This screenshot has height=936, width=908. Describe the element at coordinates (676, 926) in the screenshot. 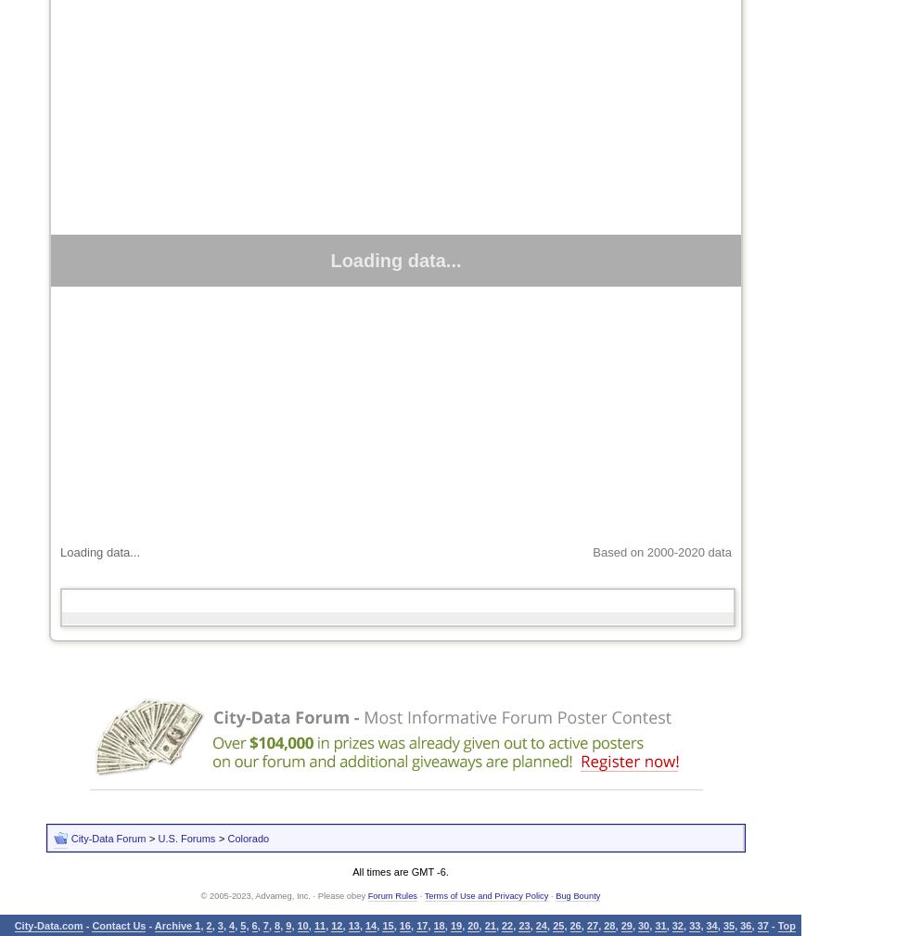

I see `'32'` at that location.